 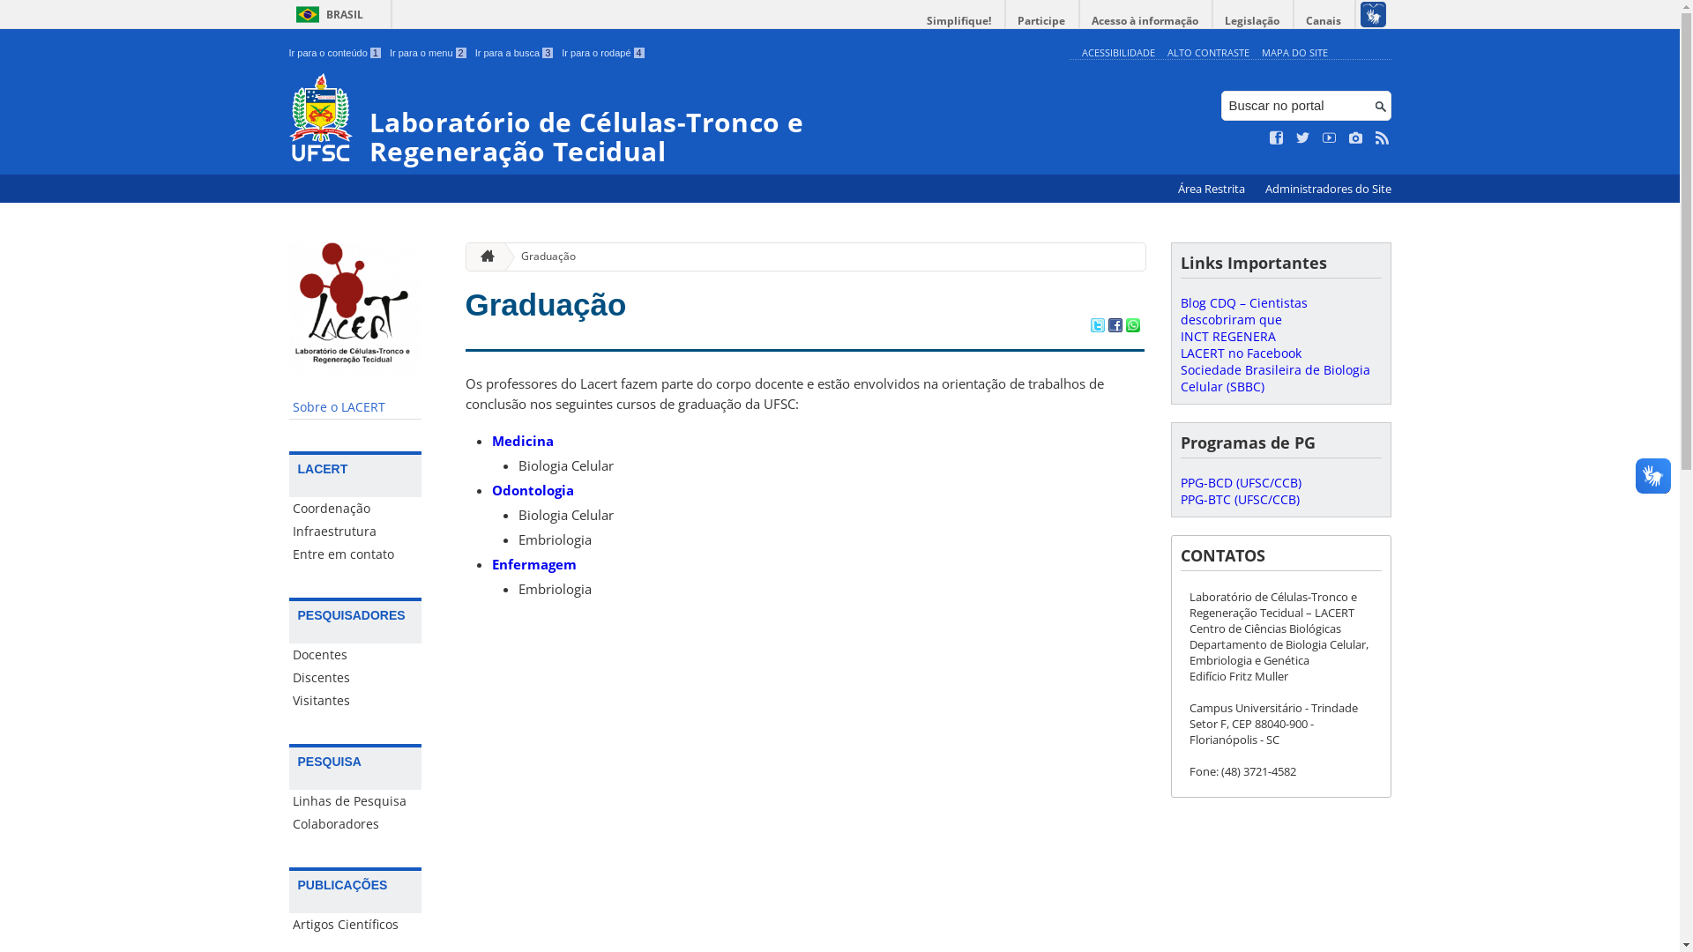 I want to click on 'Medicina', so click(x=522, y=440).